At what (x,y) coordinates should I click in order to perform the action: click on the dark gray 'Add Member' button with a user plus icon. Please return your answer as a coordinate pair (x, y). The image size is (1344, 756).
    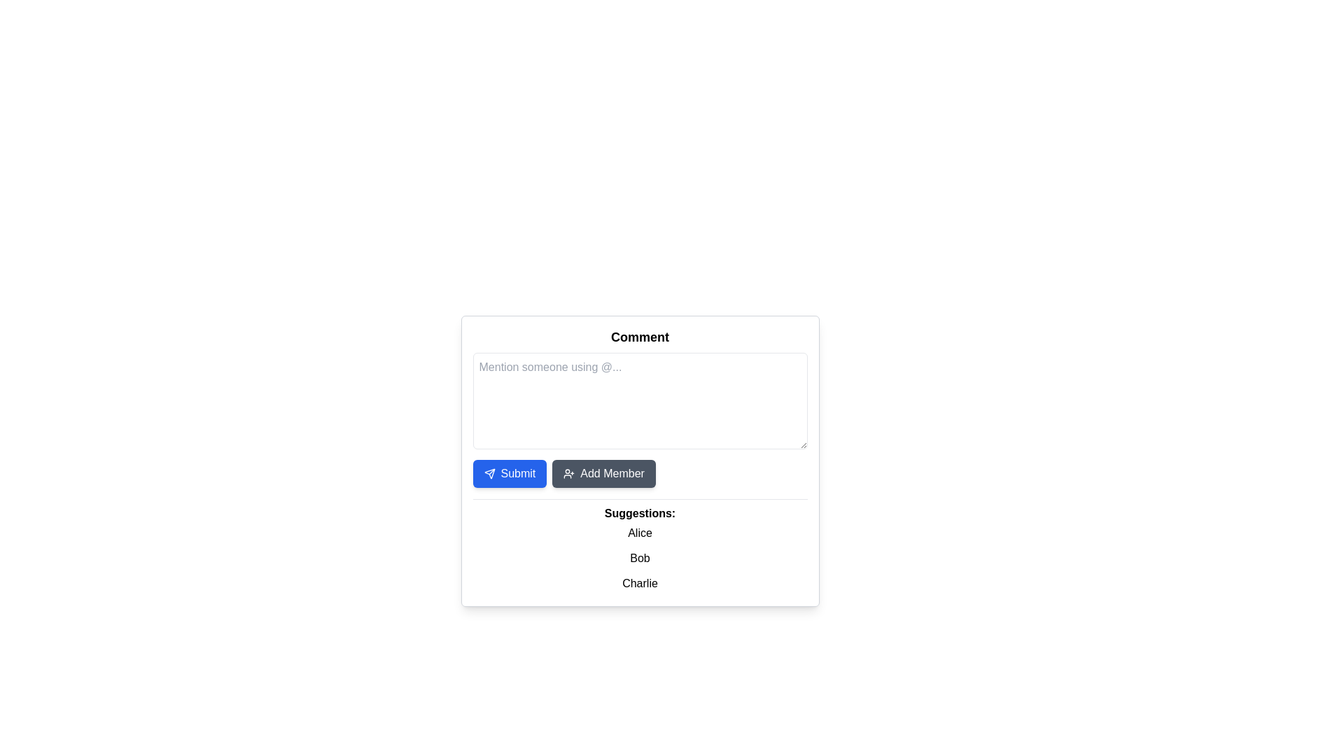
    Looking at the image, I should click on (639, 473).